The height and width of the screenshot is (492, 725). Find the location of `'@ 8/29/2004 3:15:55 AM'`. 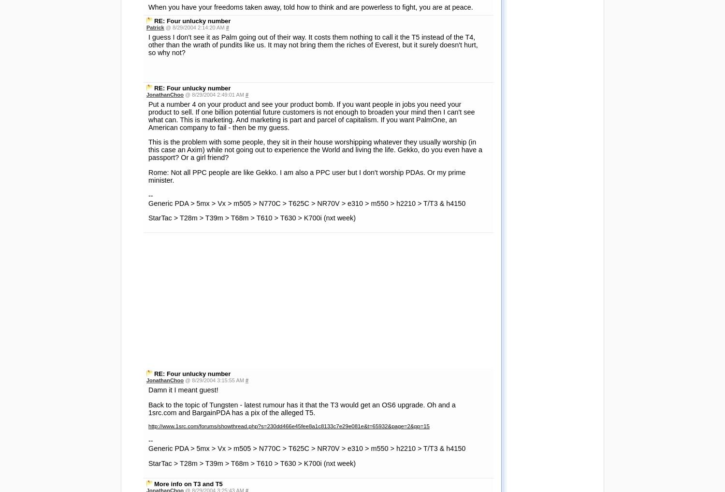

'@ 8/29/2004 3:15:55 AM' is located at coordinates (214, 109).